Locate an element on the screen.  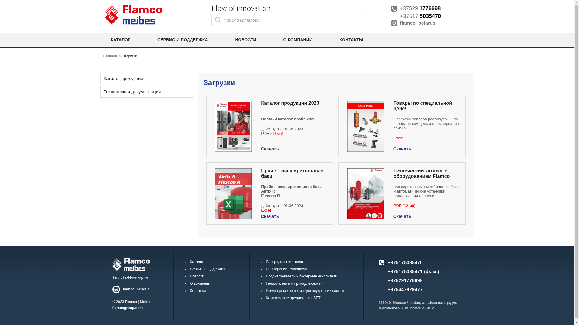
'flamco_belarus' is located at coordinates (432, 23).